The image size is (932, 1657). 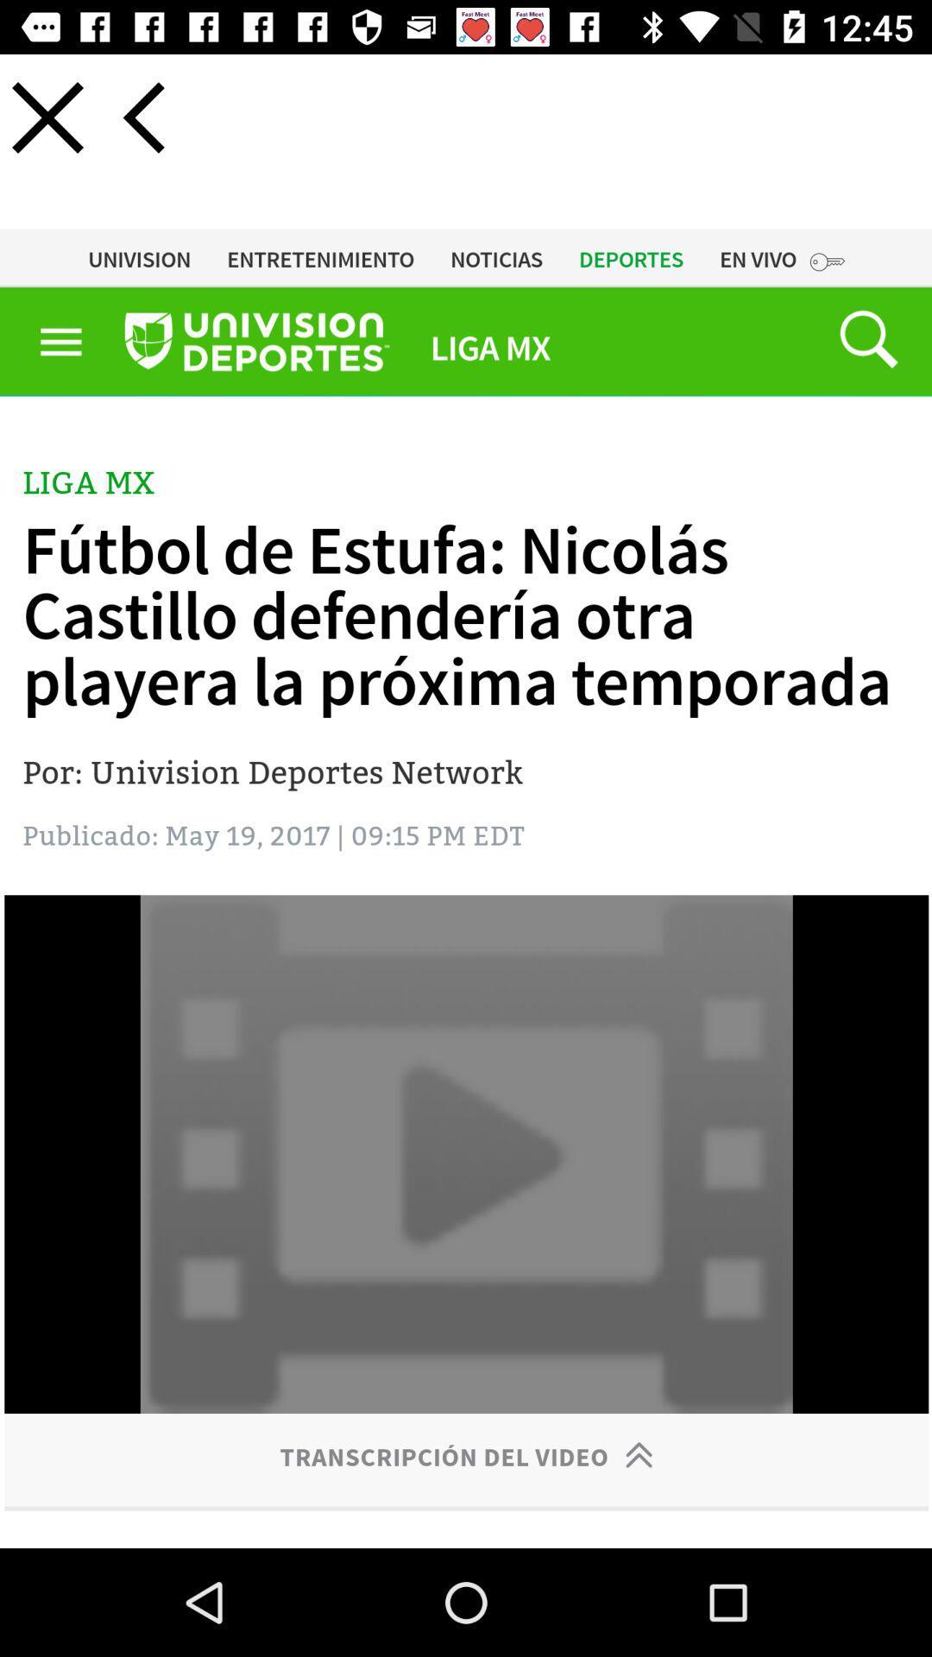 I want to click on the close icon, so click(x=47, y=117).